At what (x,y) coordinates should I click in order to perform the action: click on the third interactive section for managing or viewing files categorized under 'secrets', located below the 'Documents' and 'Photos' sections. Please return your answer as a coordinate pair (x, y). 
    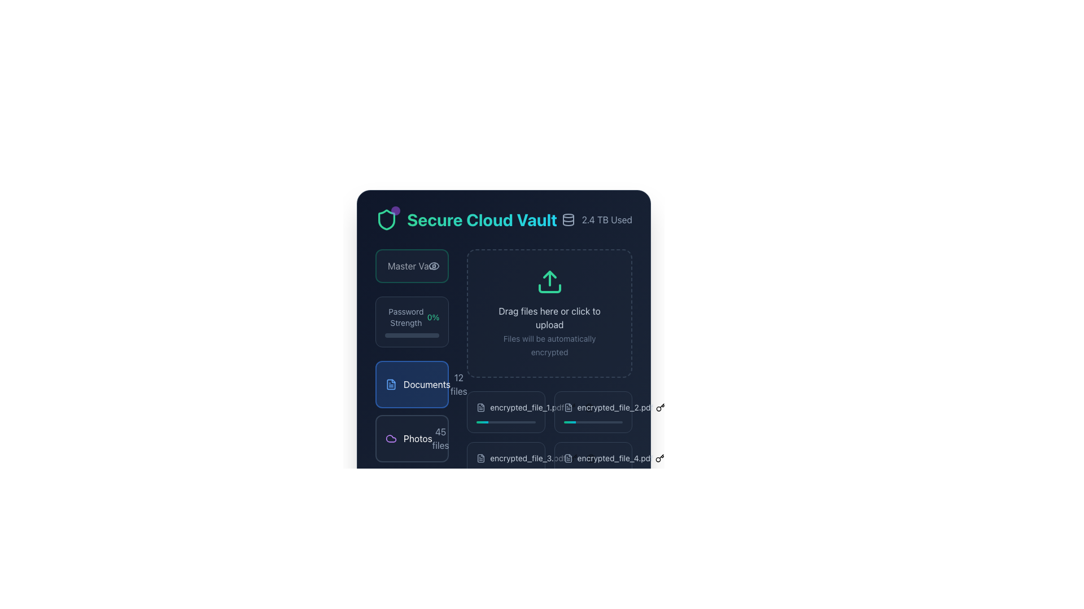
    Looking at the image, I should click on (412, 492).